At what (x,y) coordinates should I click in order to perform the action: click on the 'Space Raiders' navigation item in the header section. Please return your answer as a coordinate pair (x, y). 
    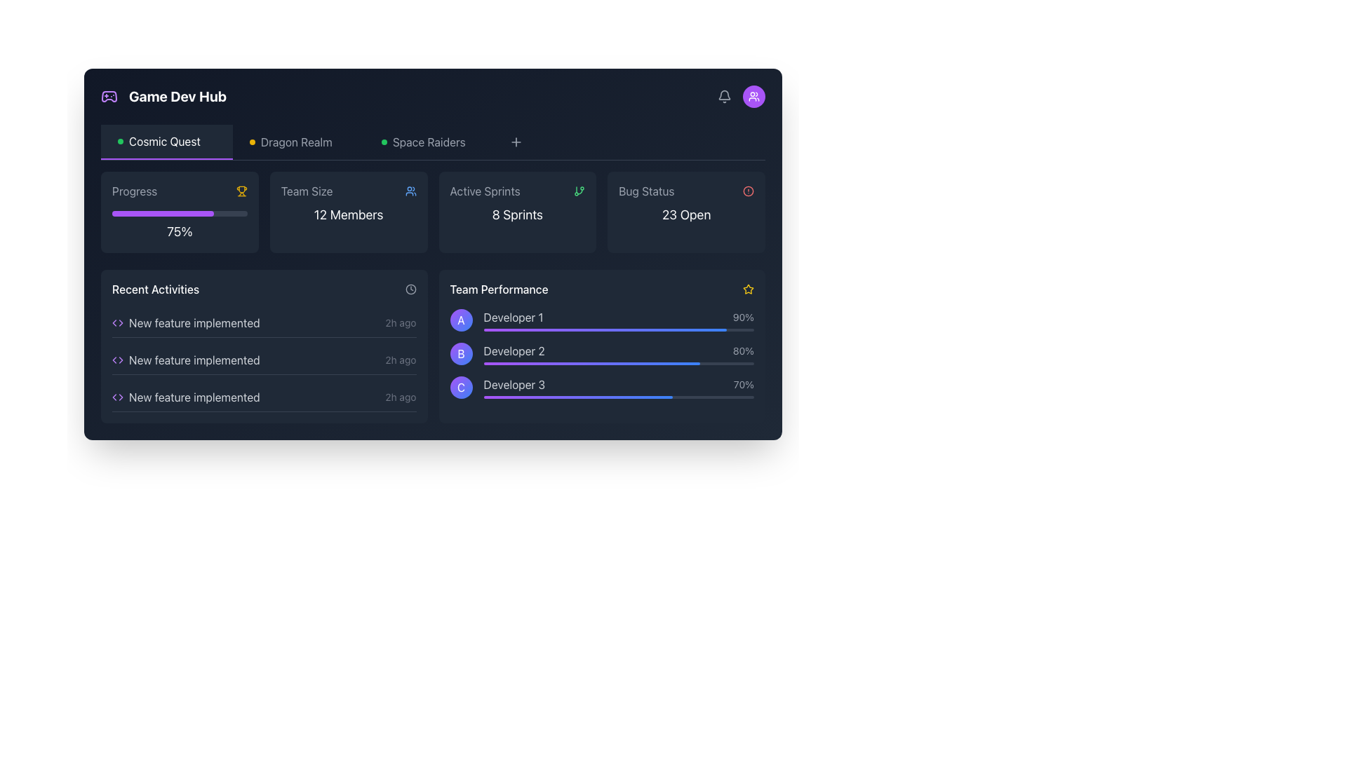
    Looking at the image, I should click on (430, 142).